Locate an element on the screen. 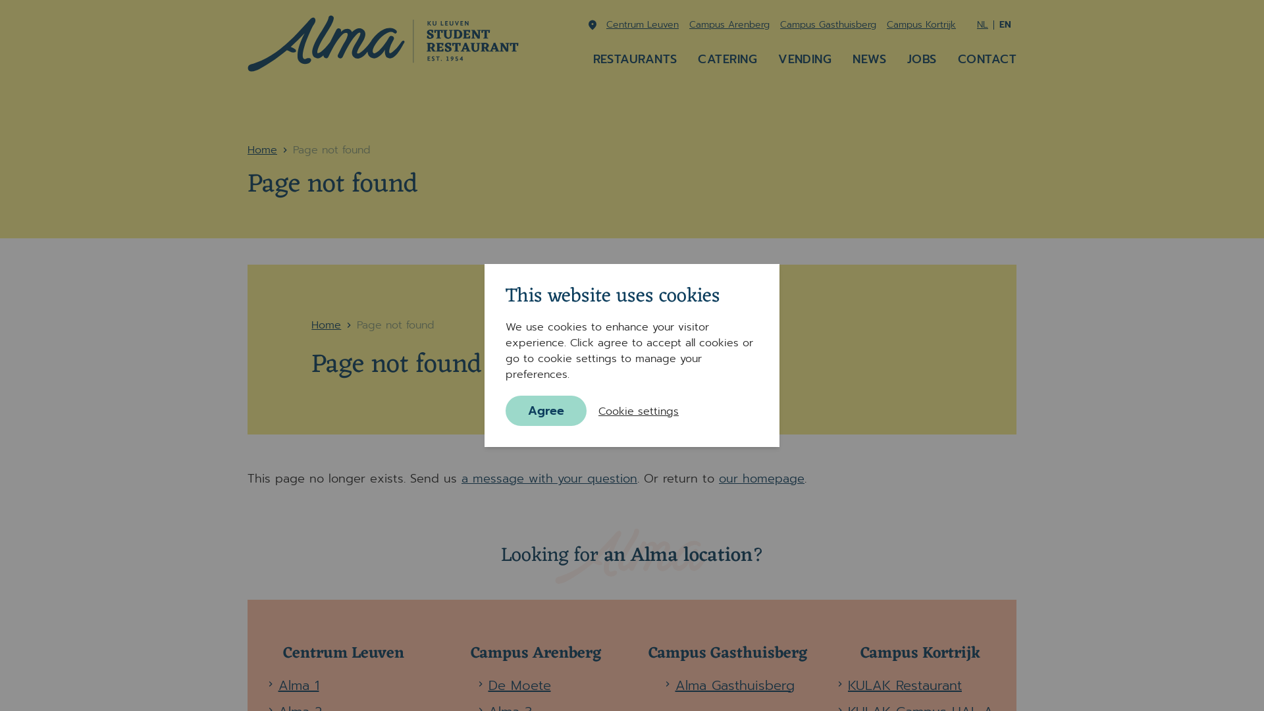 The image size is (1264, 711). 'RESTAURANTS' is located at coordinates (635, 58).